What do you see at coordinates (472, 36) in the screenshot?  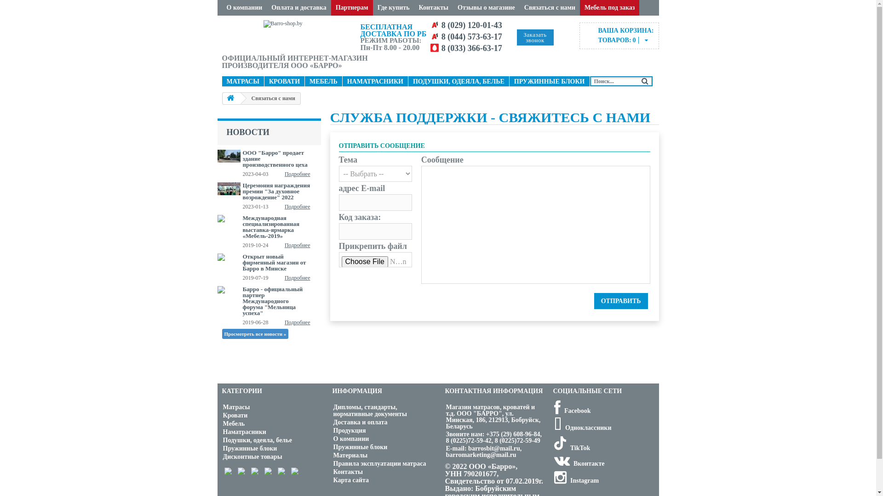 I see `'8 (044) 573-63-17'` at bounding box center [472, 36].